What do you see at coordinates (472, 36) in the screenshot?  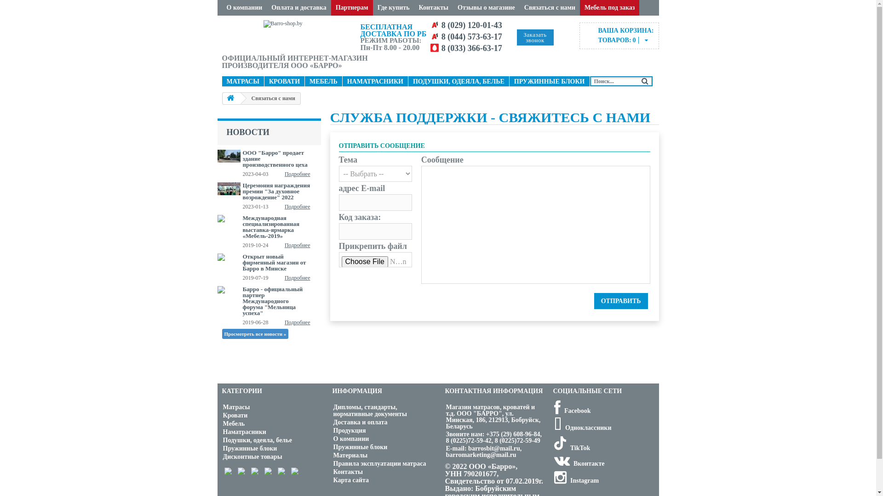 I see `'8 (044) 573-63-17'` at bounding box center [472, 36].